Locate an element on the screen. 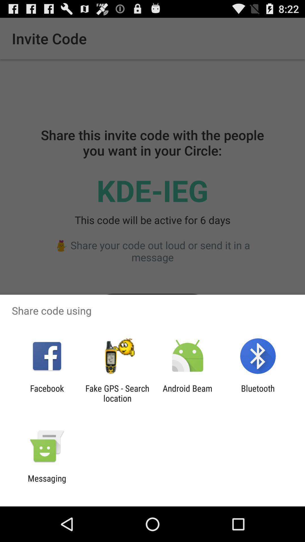 The width and height of the screenshot is (305, 542). messaging icon is located at coordinates (47, 483).